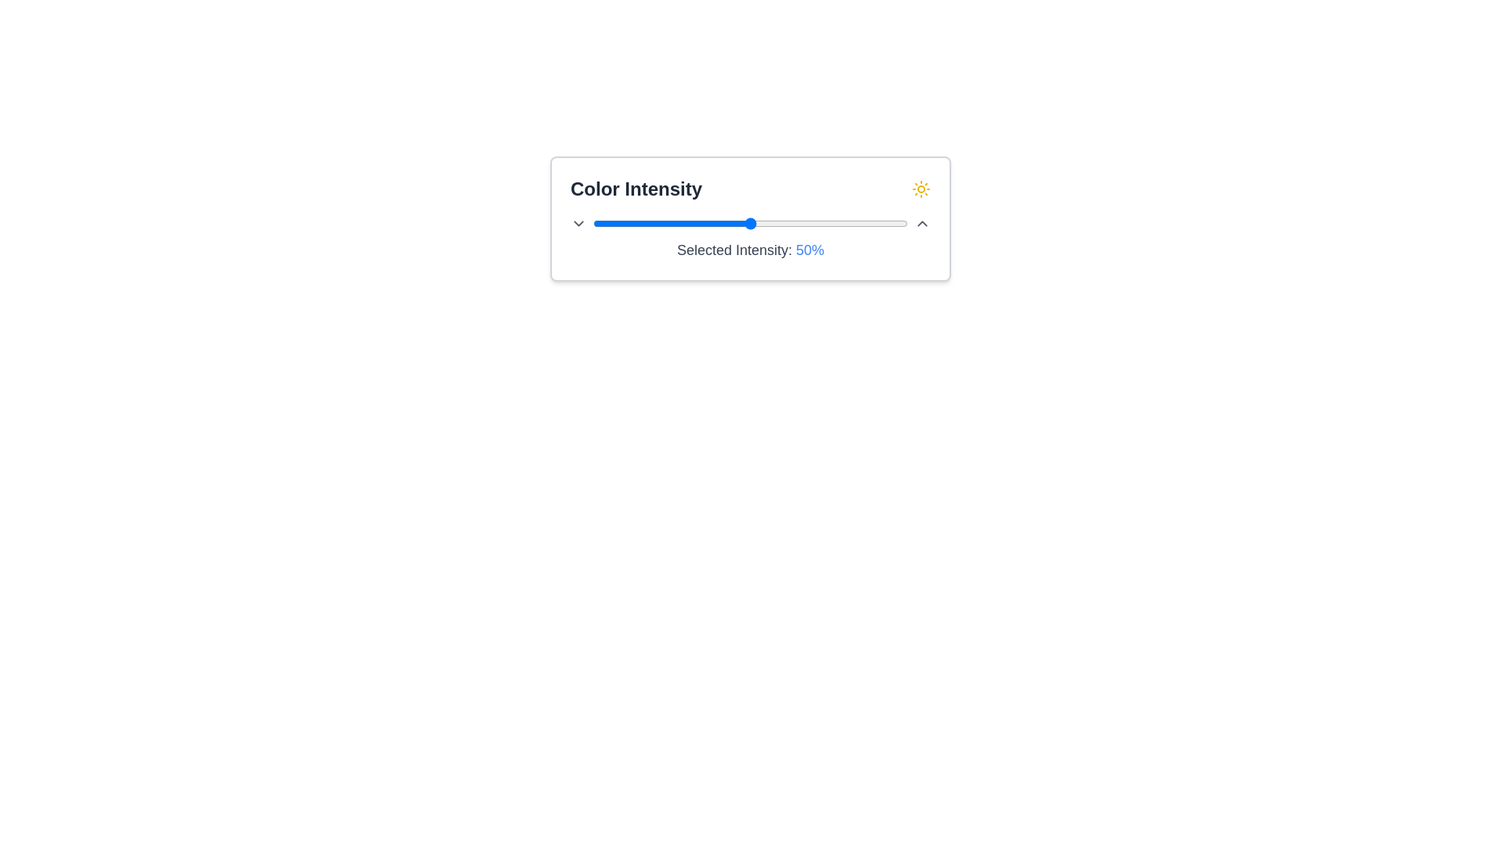 The image size is (1503, 845). Describe the element at coordinates (750, 223) in the screenshot. I see `the knob of the horizontal slider in the 'Color Intensity' panel` at that location.